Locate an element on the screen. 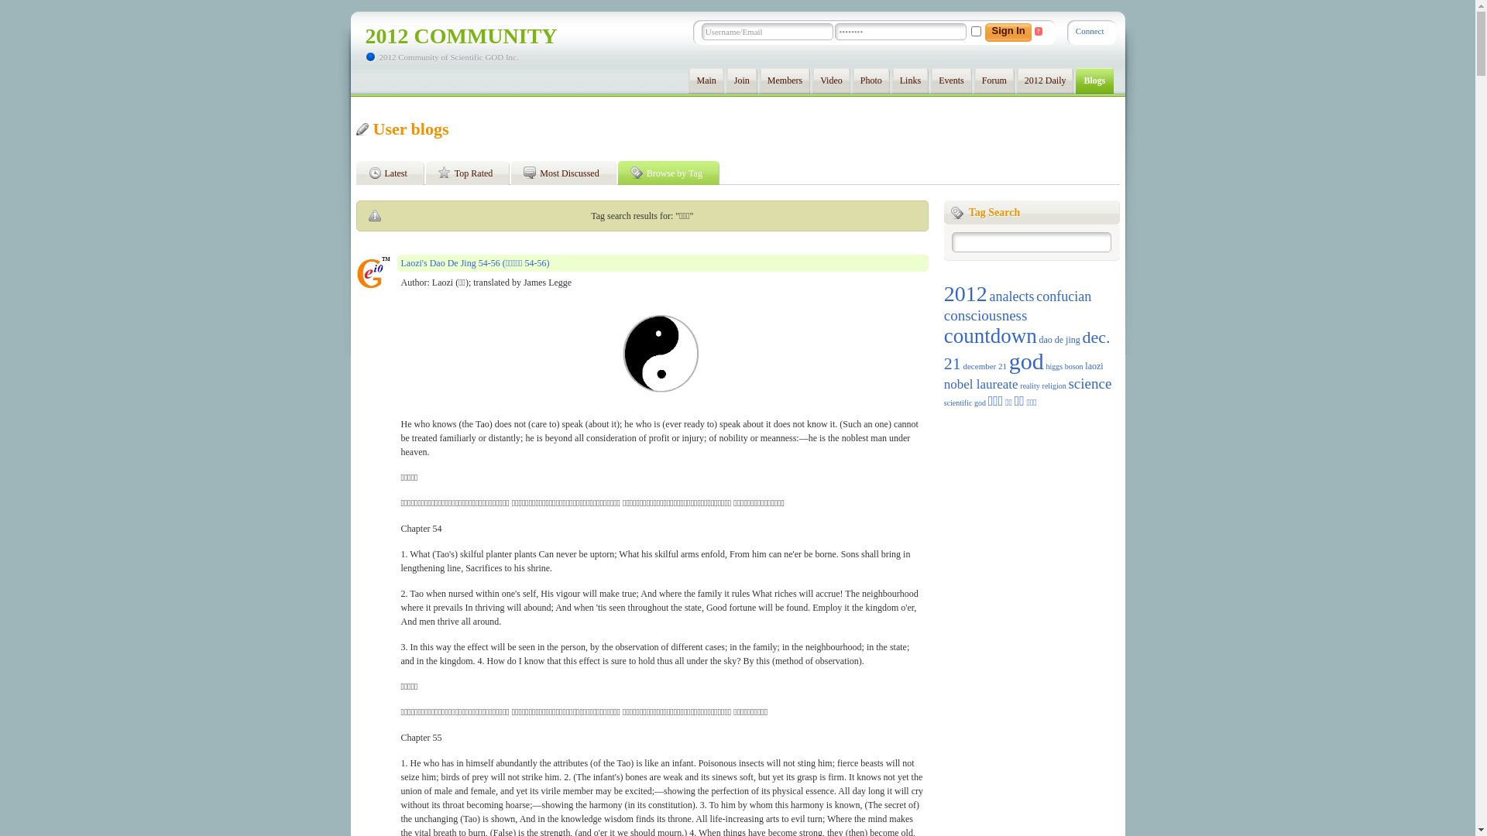 This screenshot has width=1487, height=836. 'consciousness' is located at coordinates (984, 314).